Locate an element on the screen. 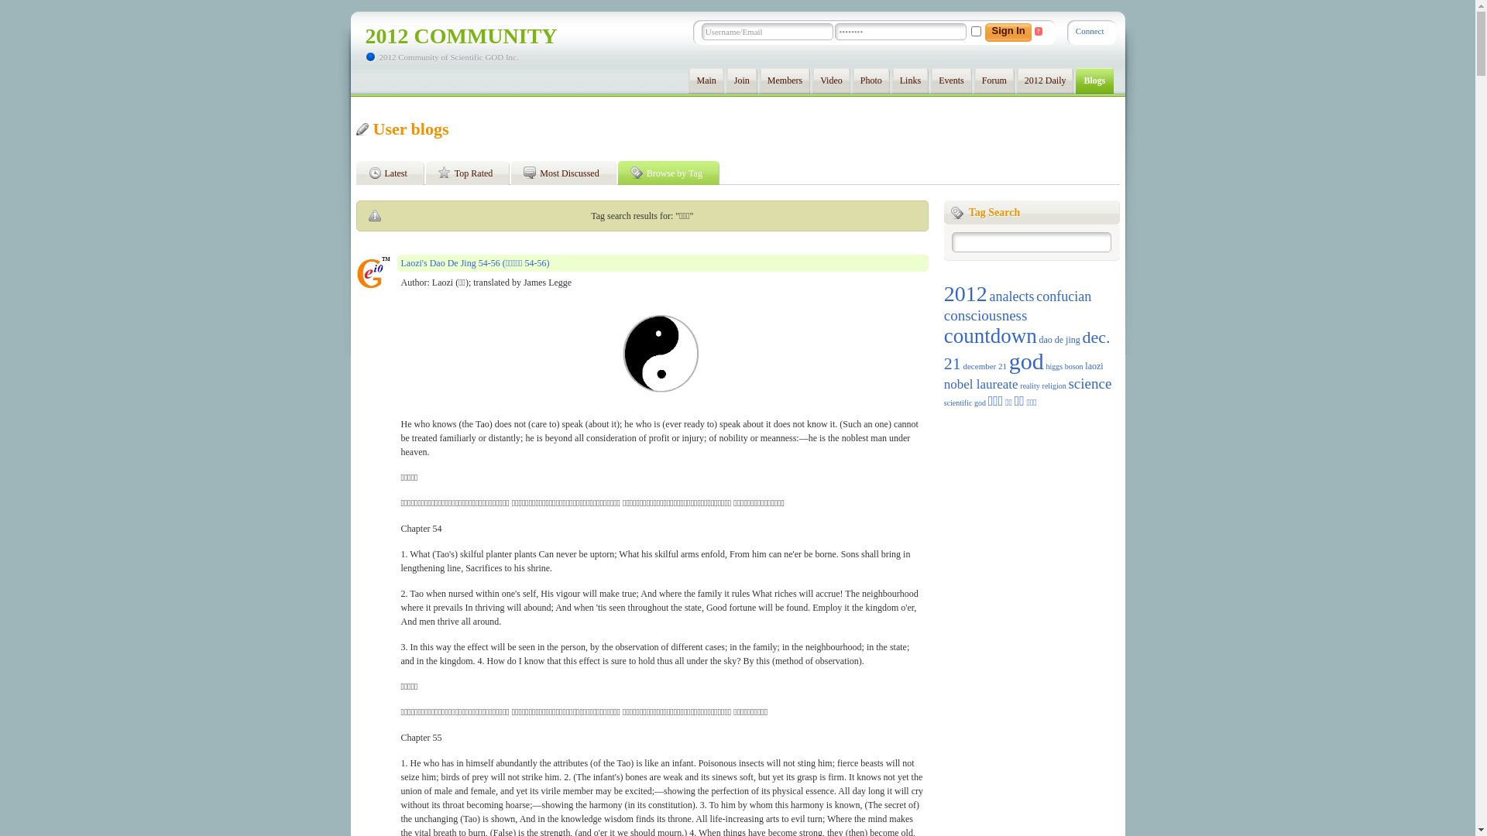 This screenshot has width=1487, height=836. 'consciousness' is located at coordinates (984, 314).